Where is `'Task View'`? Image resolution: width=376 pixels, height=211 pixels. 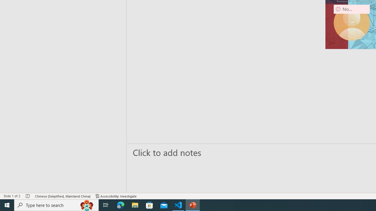
'Task View' is located at coordinates (105, 205).